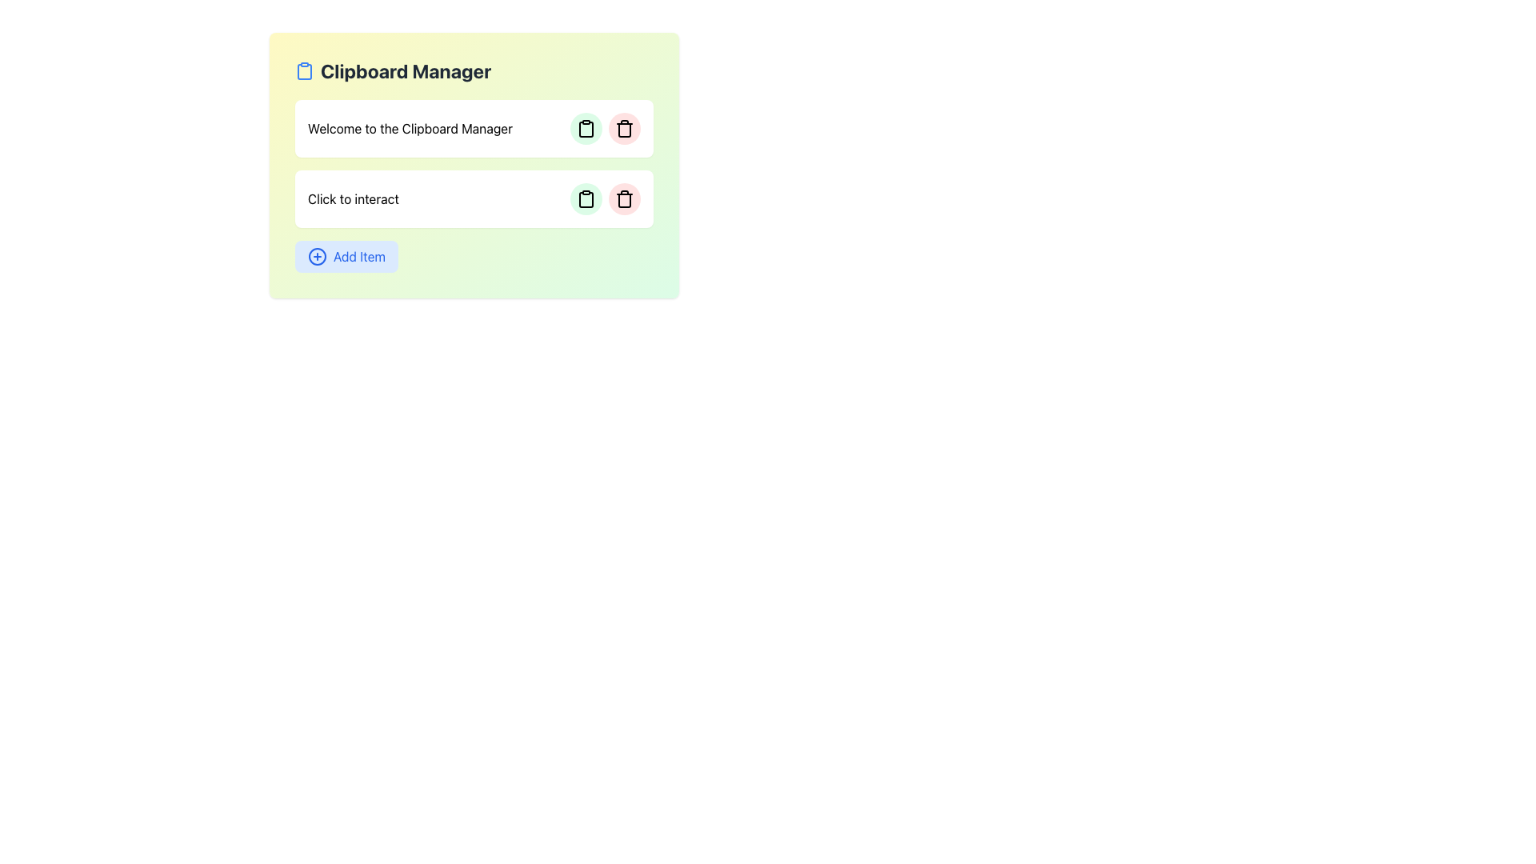  What do you see at coordinates (624, 128) in the screenshot?
I see `the circular red button with a trash can icon` at bounding box center [624, 128].